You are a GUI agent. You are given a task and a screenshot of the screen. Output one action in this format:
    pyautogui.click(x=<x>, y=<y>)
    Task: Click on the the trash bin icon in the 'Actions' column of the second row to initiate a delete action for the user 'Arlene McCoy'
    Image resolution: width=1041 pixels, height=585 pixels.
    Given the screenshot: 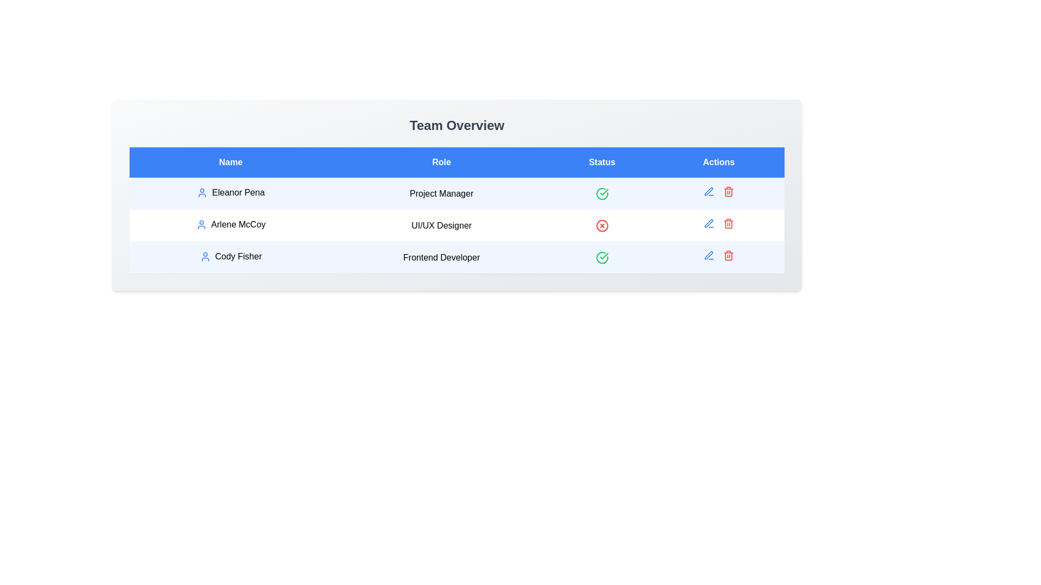 What is the action you would take?
    pyautogui.click(x=729, y=192)
    